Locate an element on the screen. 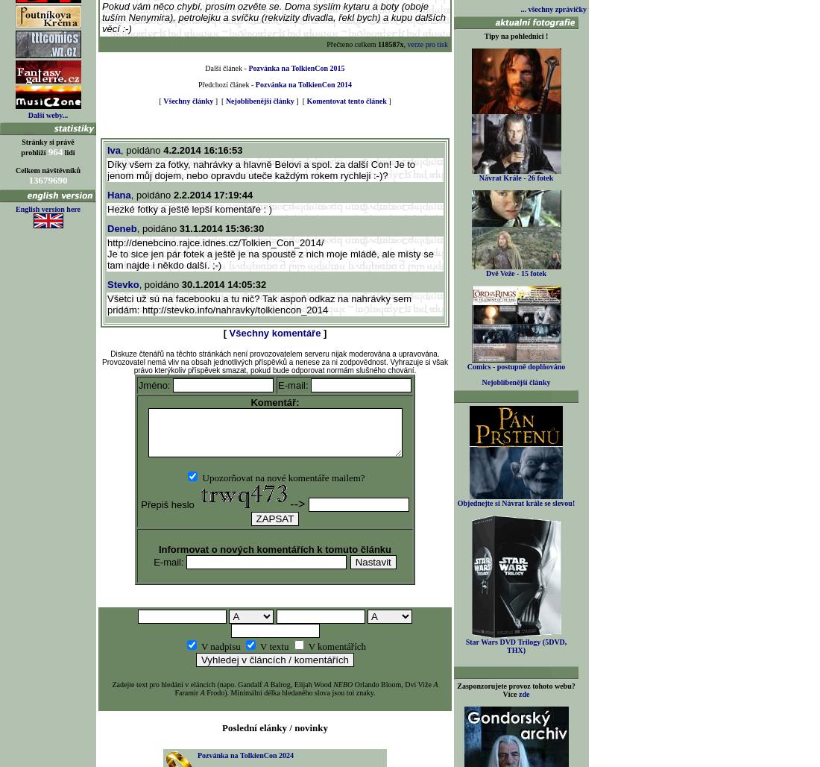 This screenshot has width=820, height=767. 'Frodo). Minimální délka hledaného slova jsou toi znaky.' is located at coordinates (289, 692).